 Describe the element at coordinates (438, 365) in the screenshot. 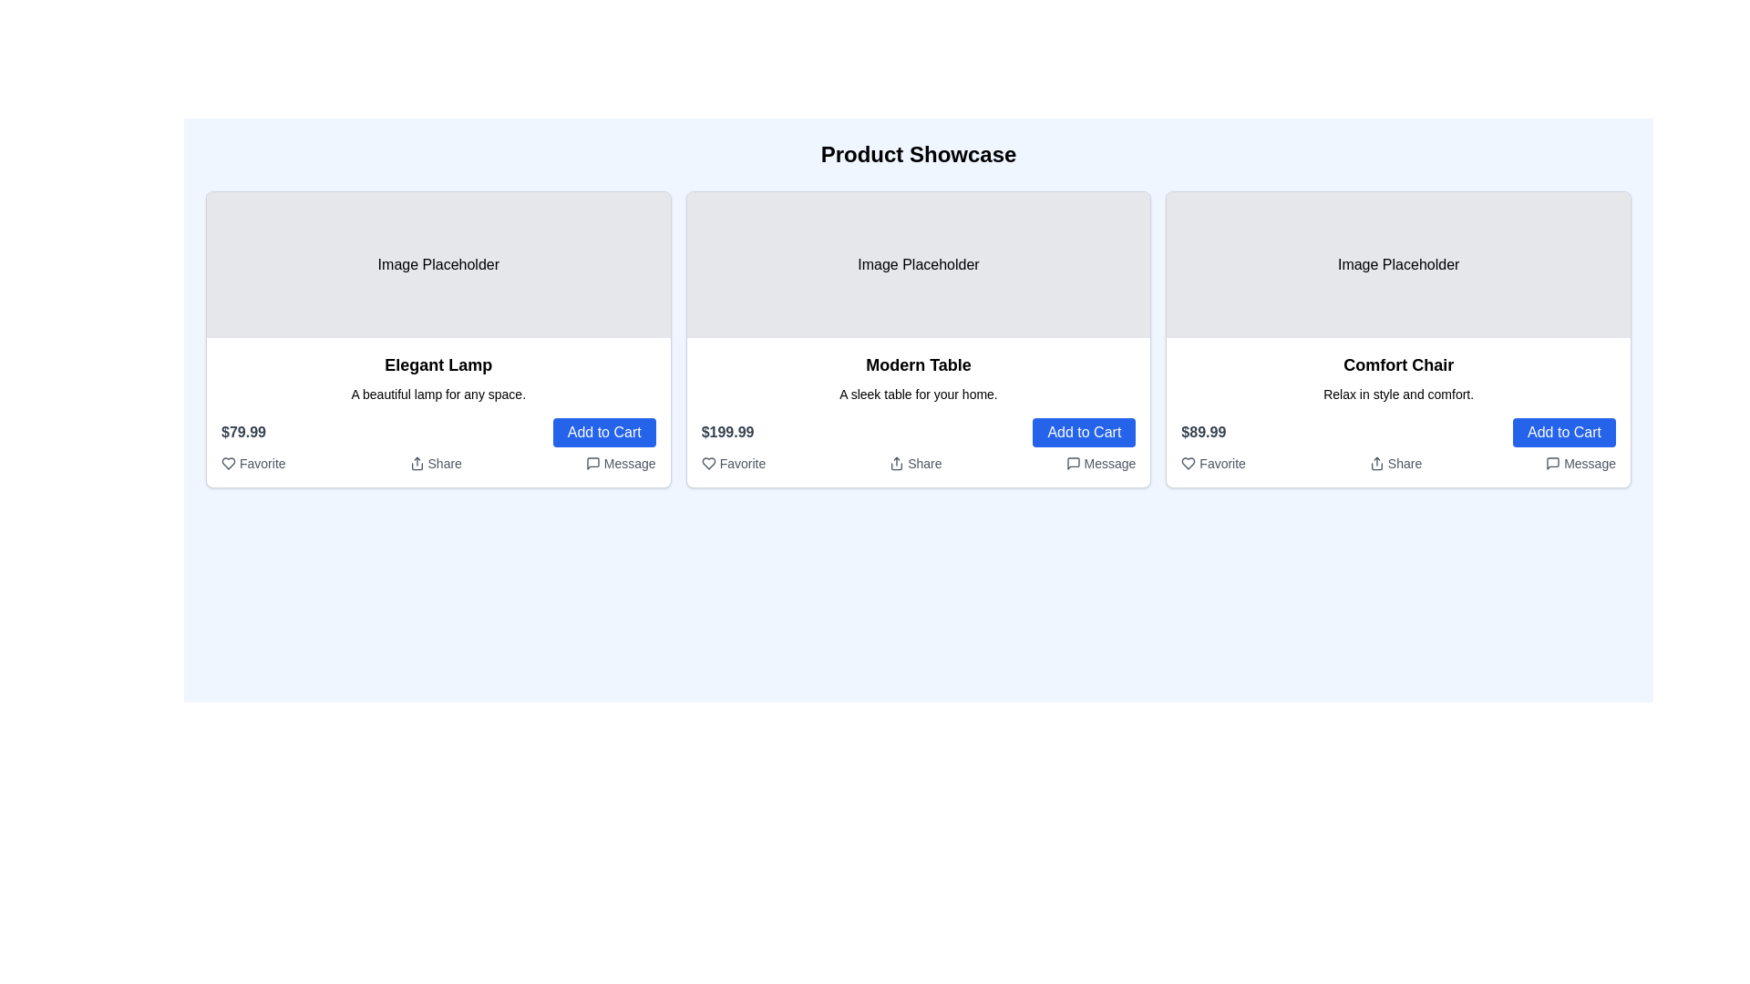

I see `the text label reading 'Elegant Lamp', which is styled with a bold, larger font and located above the product description in the central product card of a horizontally arranged product showcase` at that location.